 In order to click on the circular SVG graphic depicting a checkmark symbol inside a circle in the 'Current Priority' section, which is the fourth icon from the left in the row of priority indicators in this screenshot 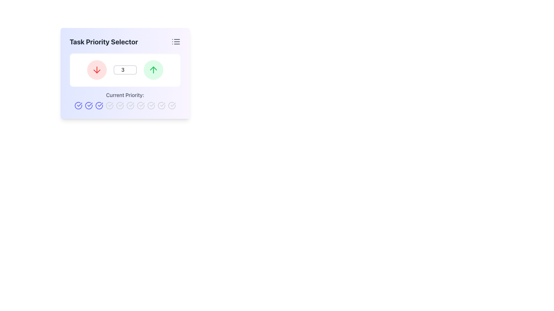, I will do `click(109, 105)`.